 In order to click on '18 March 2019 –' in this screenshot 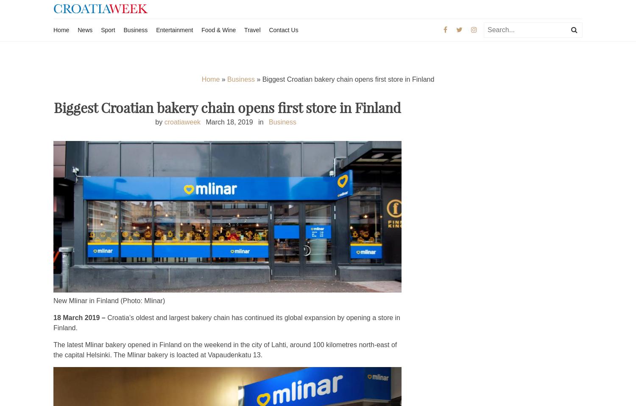, I will do `click(53, 317)`.